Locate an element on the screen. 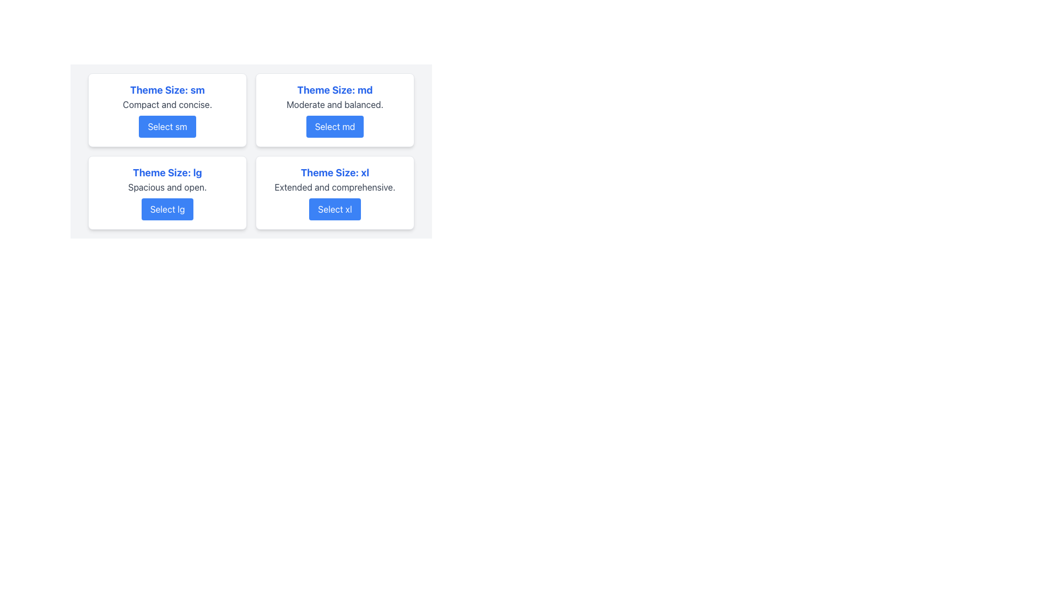 The width and height of the screenshot is (1058, 595). the static text label containing the text 'Extended and comprehensive.' which is styled in gray and positioned beneath a bold blue title within the 'Theme Size: xl' card is located at coordinates (334, 186).